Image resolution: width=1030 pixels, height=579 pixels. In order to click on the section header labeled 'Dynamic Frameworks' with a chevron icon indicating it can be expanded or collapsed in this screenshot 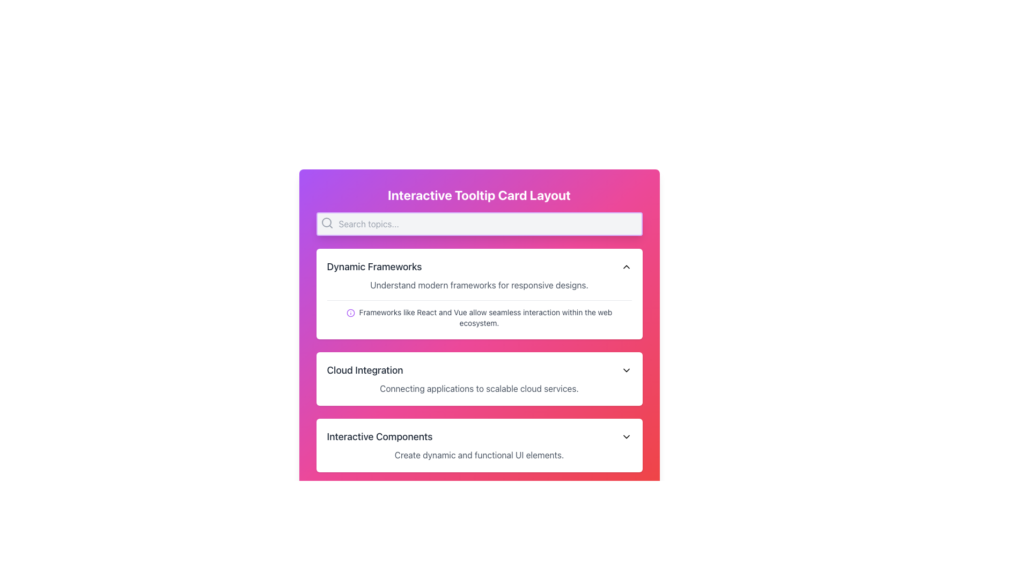, I will do `click(479, 266)`.